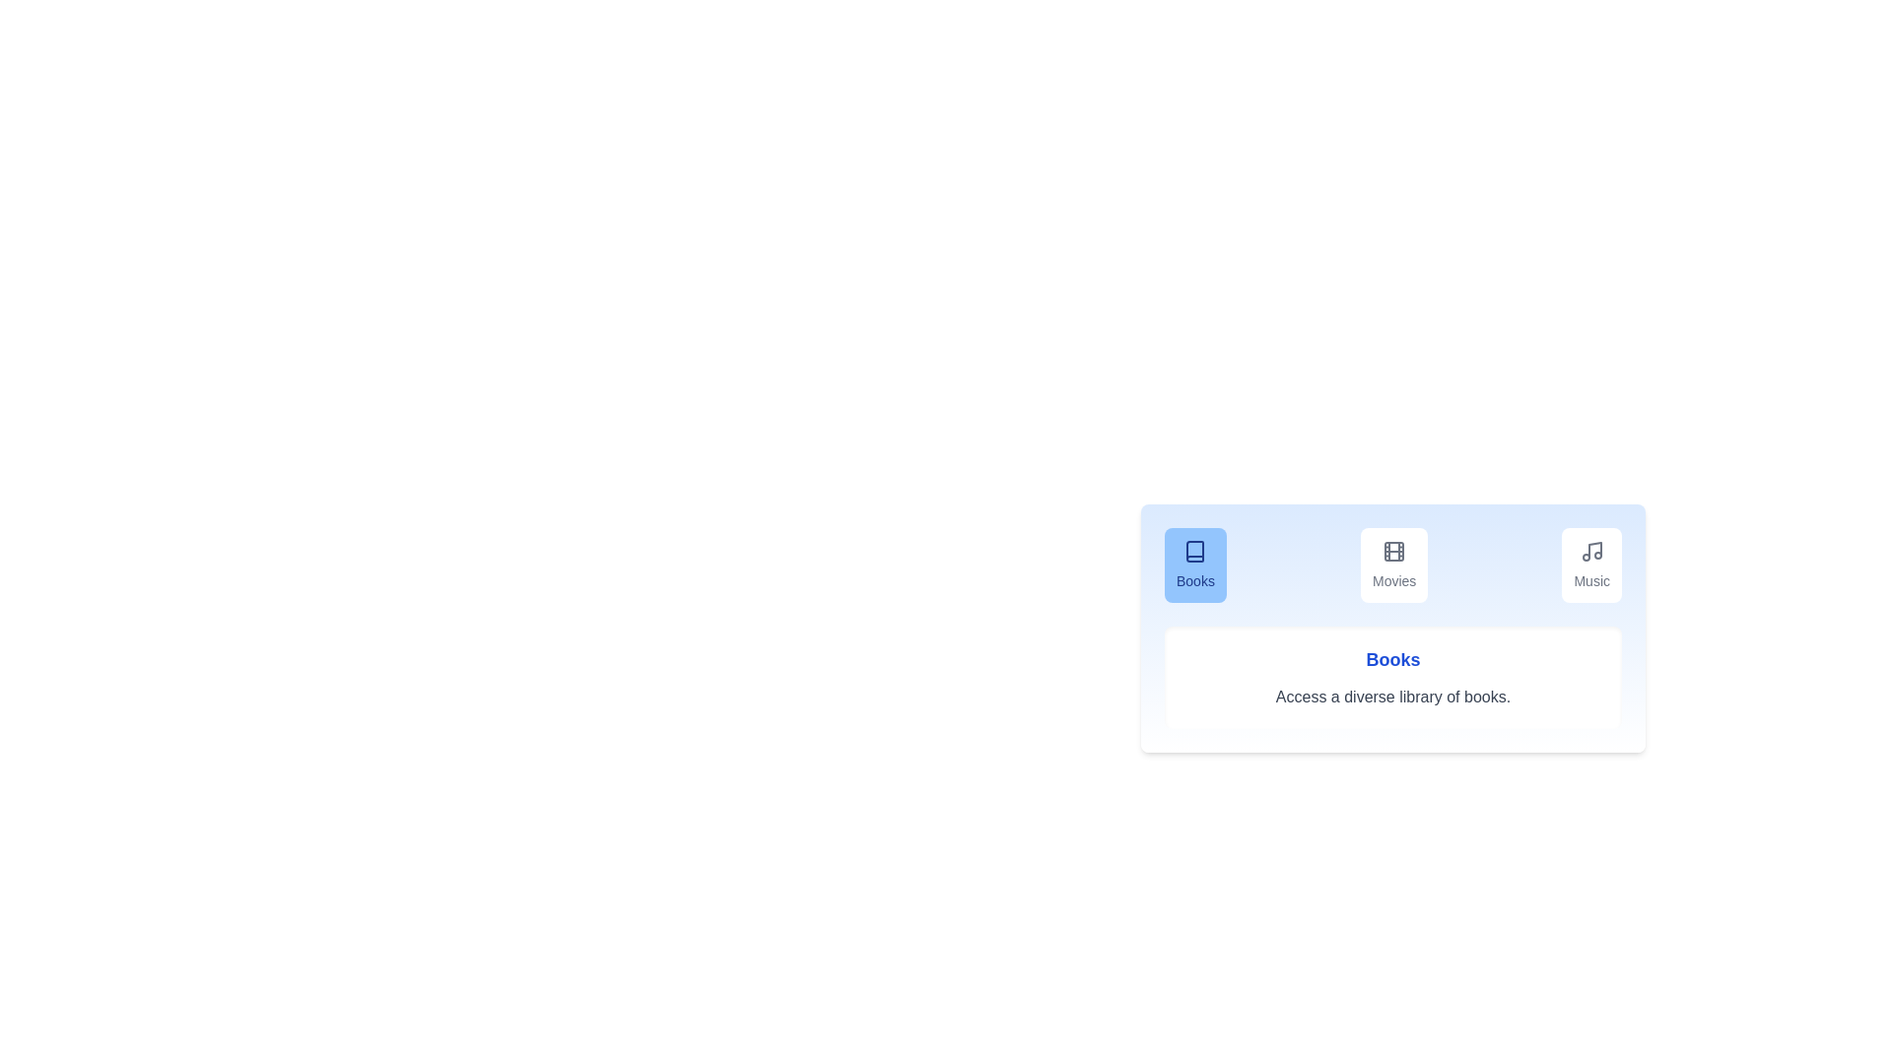  What do you see at coordinates (1194, 565) in the screenshot?
I see `the Books tab by clicking on its button` at bounding box center [1194, 565].